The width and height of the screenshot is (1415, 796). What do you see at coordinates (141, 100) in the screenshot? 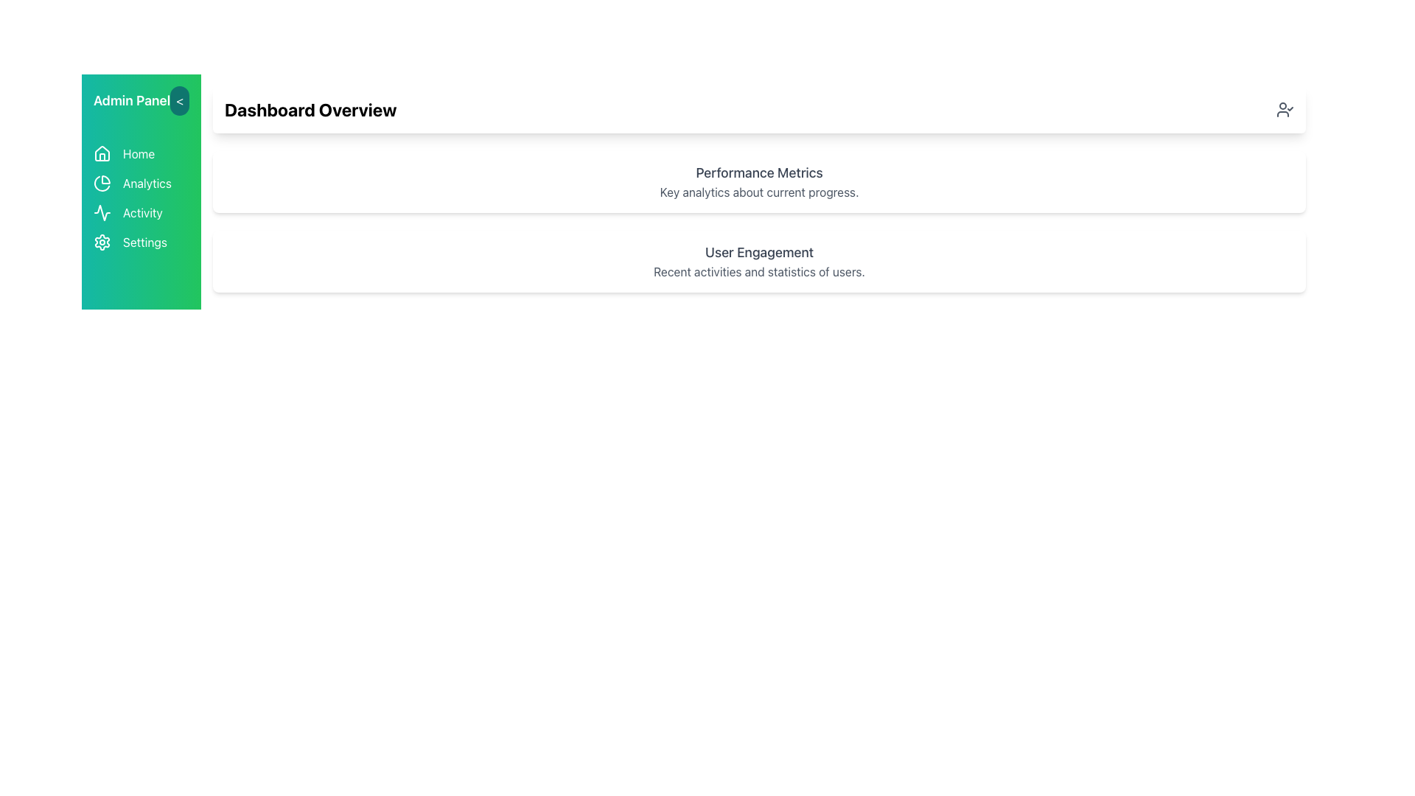
I see `the Sidebar header with an interactive button` at bounding box center [141, 100].